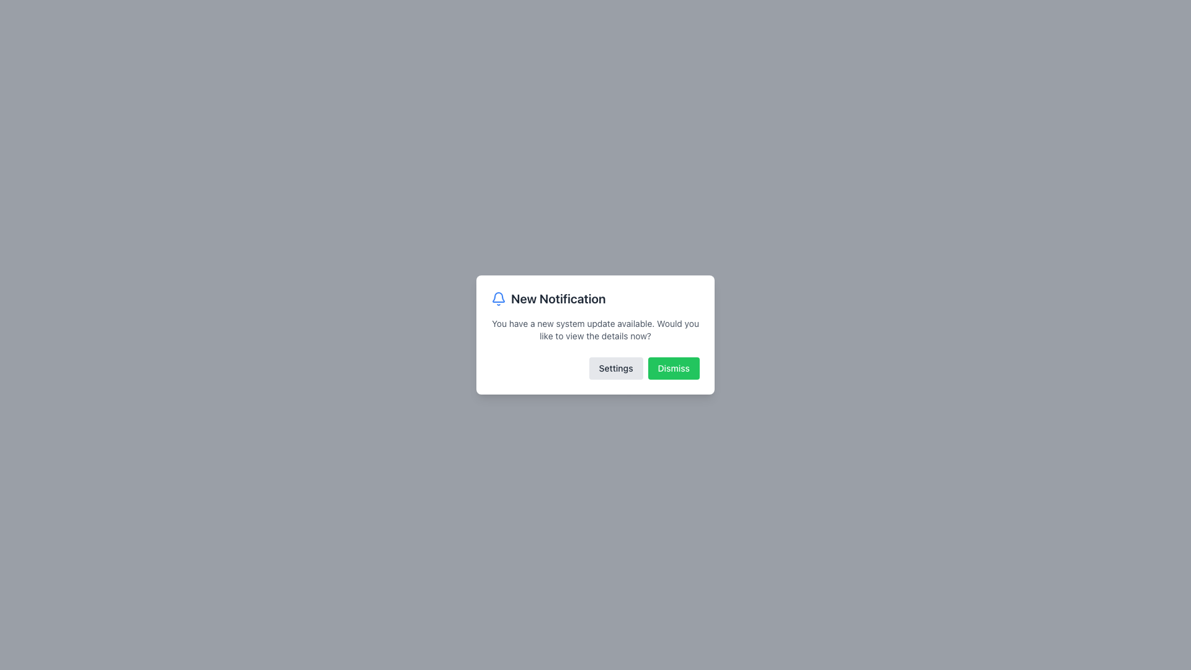 This screenshot has width=1191, height=670. What do you see at coordinates (595, 299) in the screenshot?
I see `text labeling of the Text Heading with Icon located at the top of the modal or notification box, aligned with the blue notification icon` at bounding box center [595, 299].